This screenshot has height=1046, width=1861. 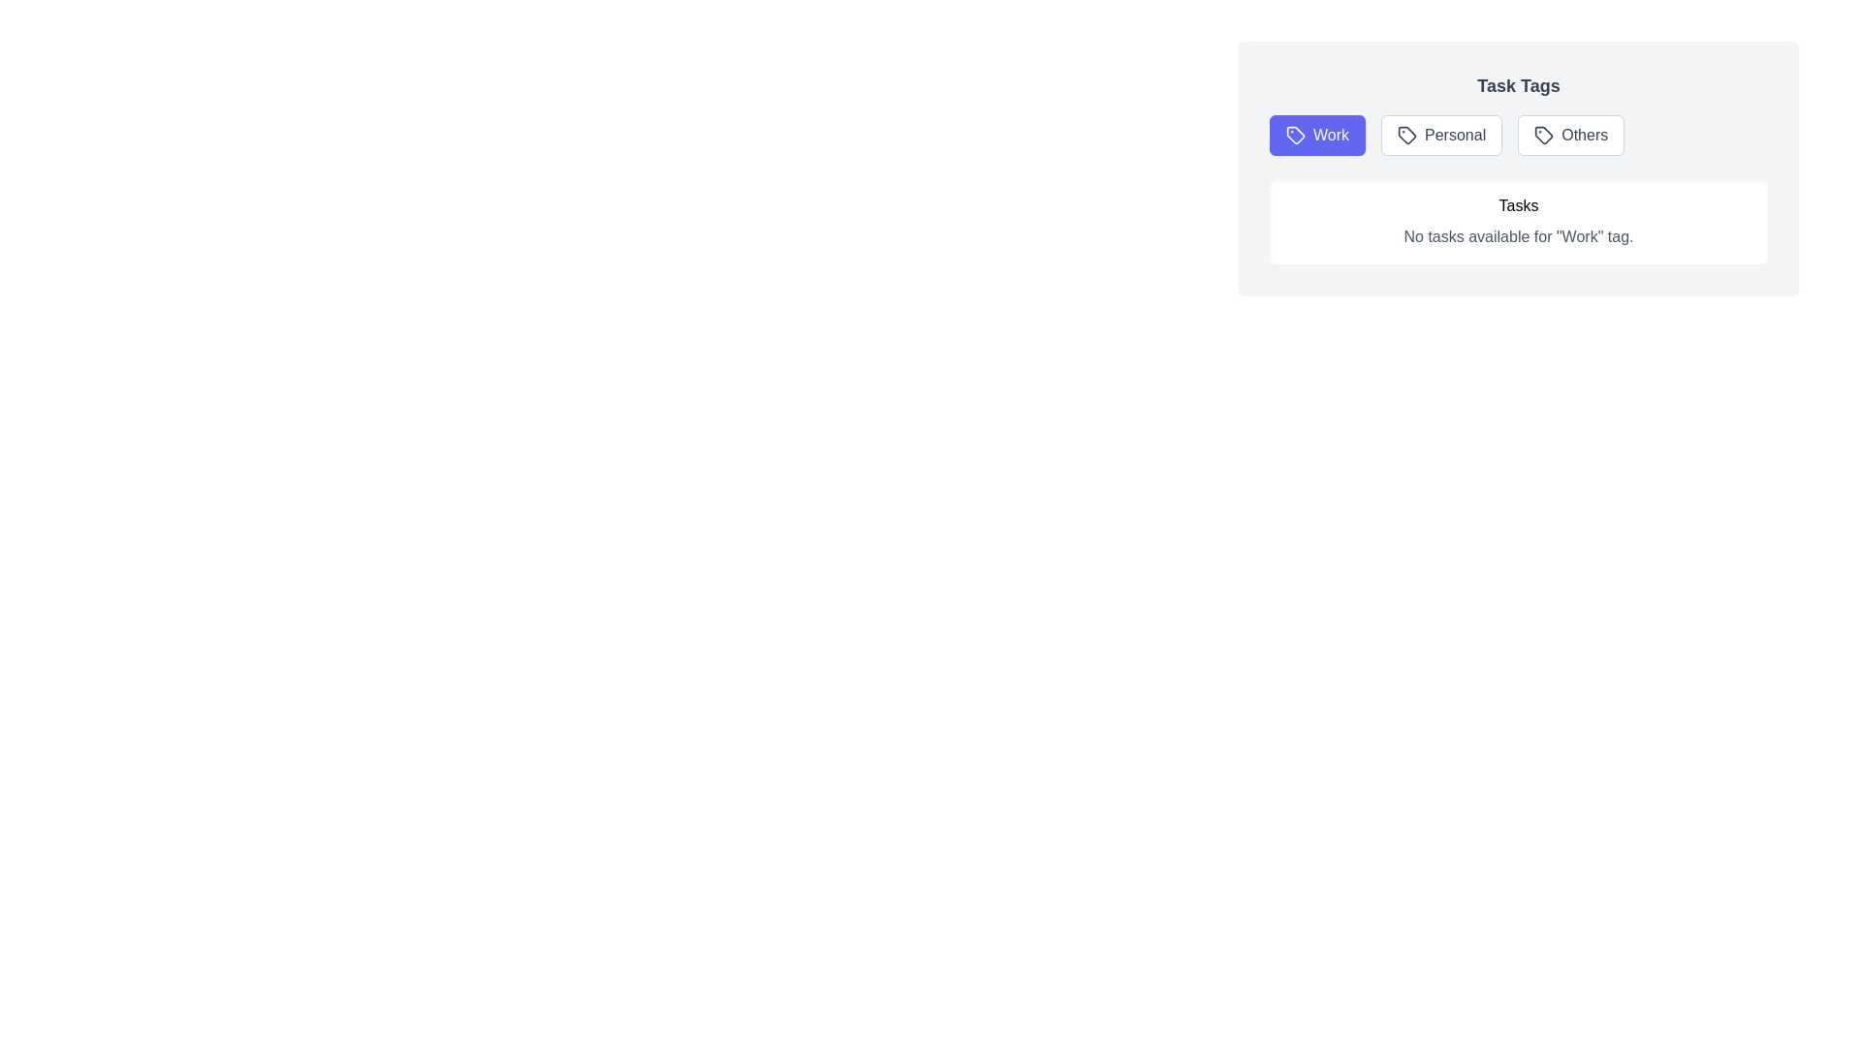 I want to click on the small tag-shaped icon with rounded corners associated with the 'Personal' button located in the 'Task Tags' segment, so click(x=1407, y=134).